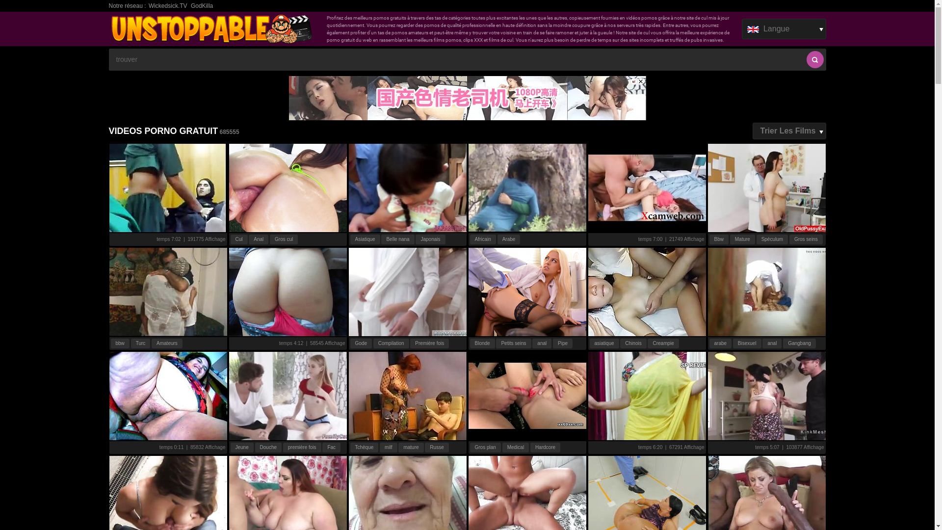 The width and height of the screenshot is (942, 530). I want to click on 'Anal', so click(259, 239).